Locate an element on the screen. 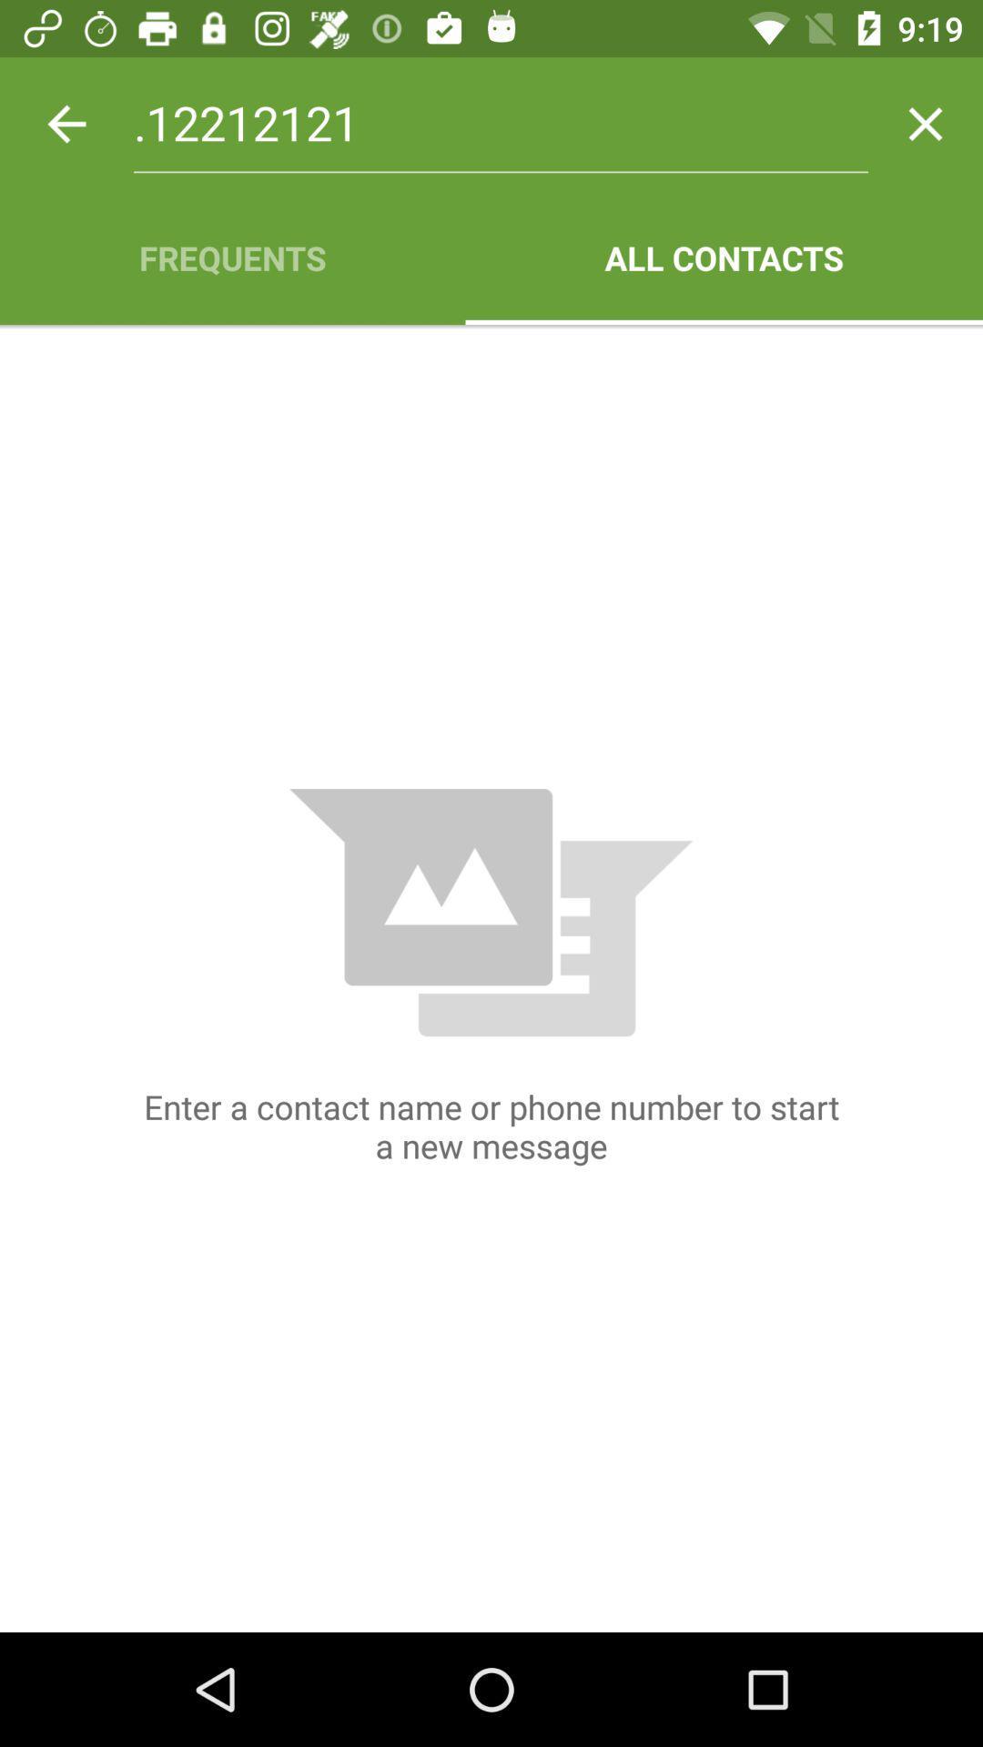 This screenshot has width=983, height=1747. .12212121 icon is located at coordinates (501, 123).